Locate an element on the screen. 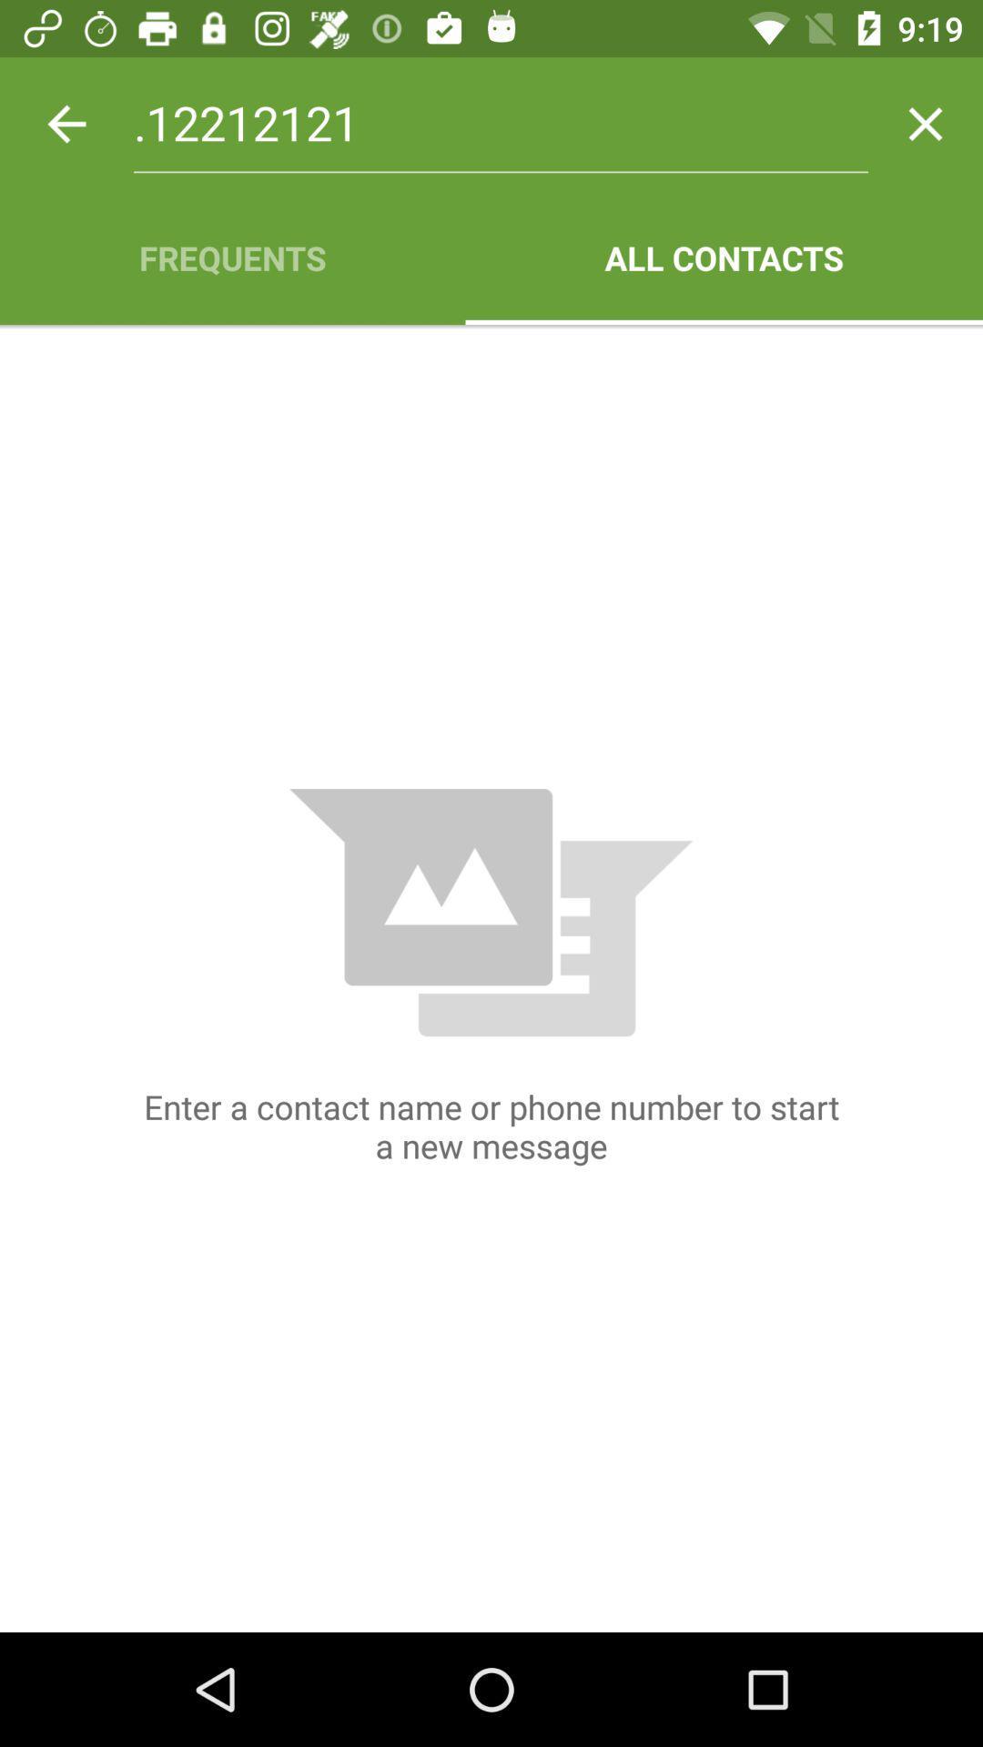 This screenshot has width=983, height=1747. .12212121 icon is located at coordinates (501, 123).